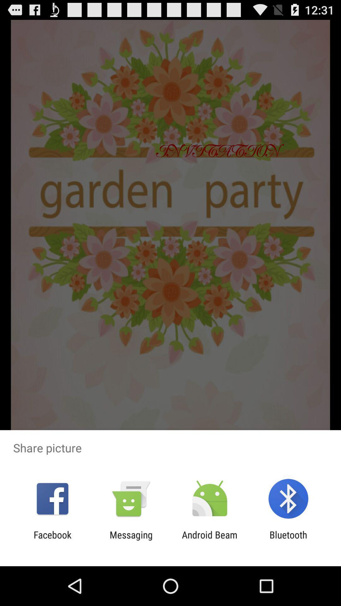 This screenshot has height=606, width=341. What do you see at coordinates (288, 540) in the screenshot?
I see `bluetooth icon` at bounding box center [288, 540].